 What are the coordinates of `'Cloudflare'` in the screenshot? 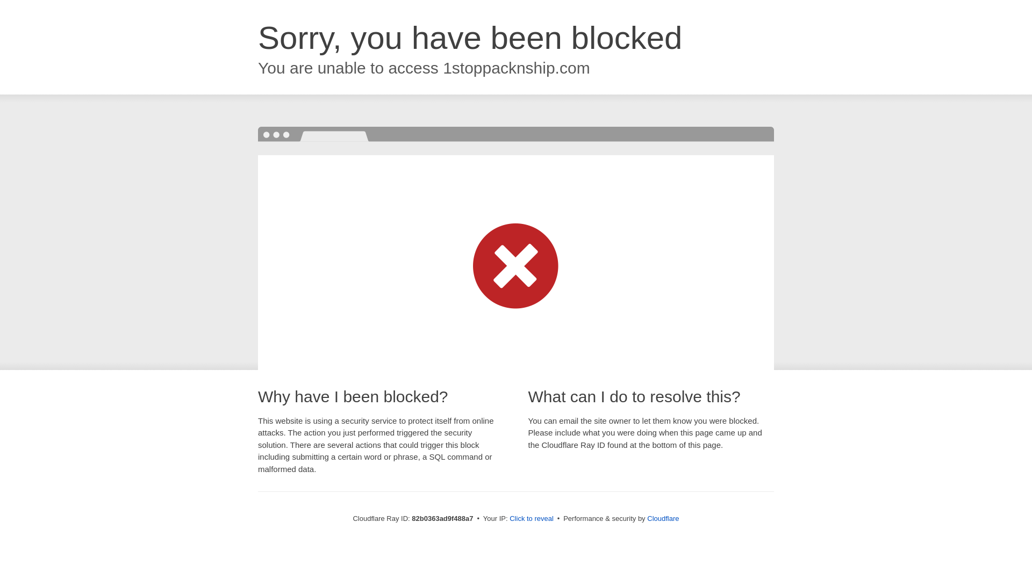 It's located at (662, 518).